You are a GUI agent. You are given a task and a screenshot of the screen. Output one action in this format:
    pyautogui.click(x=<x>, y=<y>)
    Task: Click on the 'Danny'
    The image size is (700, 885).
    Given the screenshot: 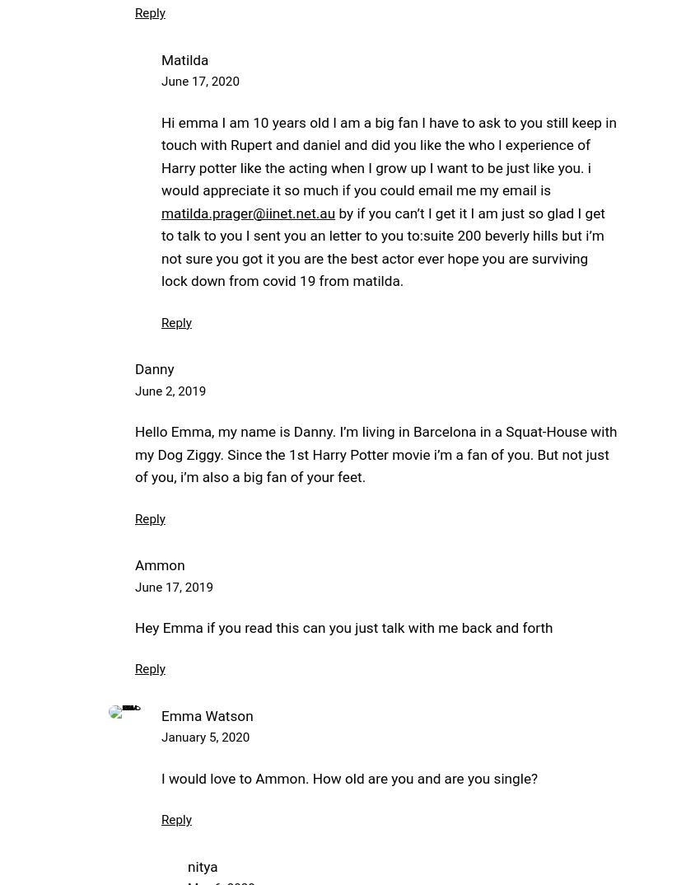 What is the action you would take?
    pyautogui.click(x=134, y=368)
    